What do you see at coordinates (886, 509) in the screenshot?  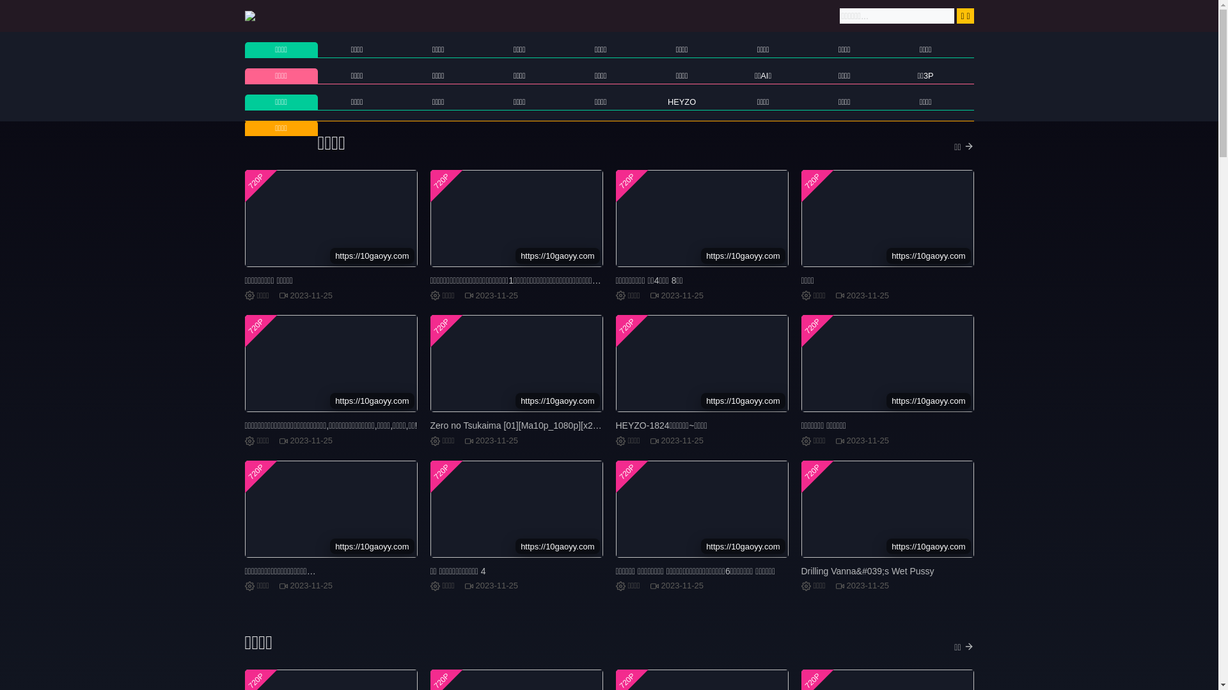 I see `'720P` at bounding box center [886, 509].